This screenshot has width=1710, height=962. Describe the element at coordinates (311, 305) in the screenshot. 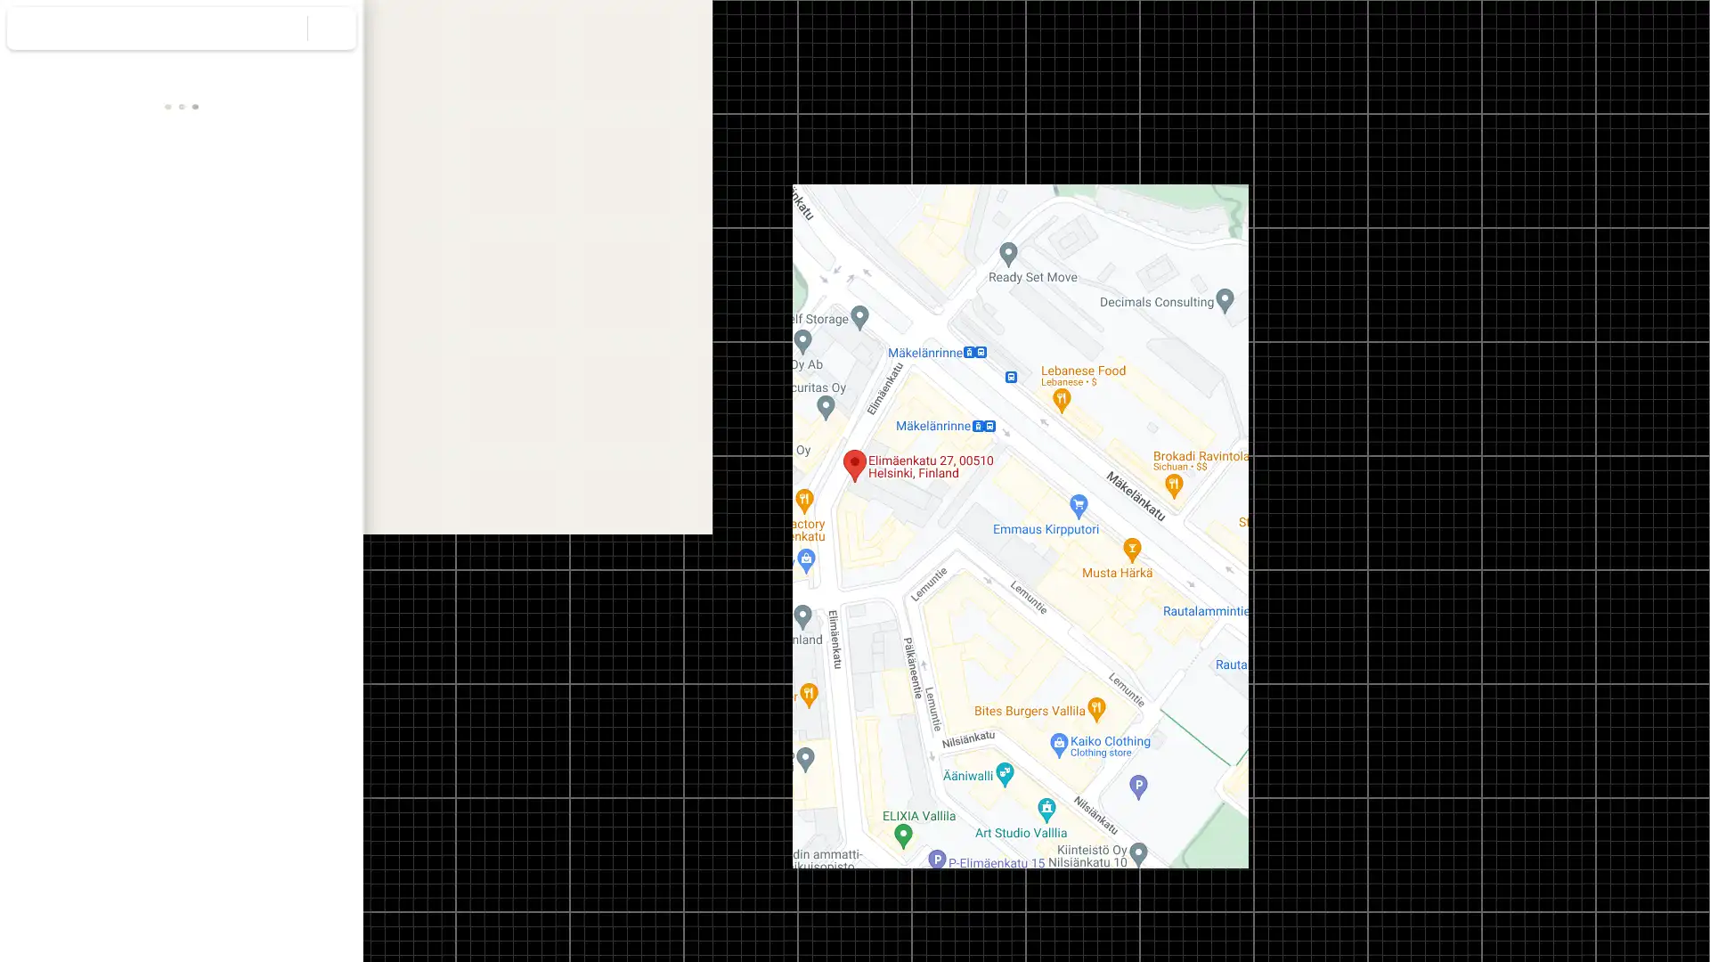

I see `Share Elimaenkatu 27` at that location.